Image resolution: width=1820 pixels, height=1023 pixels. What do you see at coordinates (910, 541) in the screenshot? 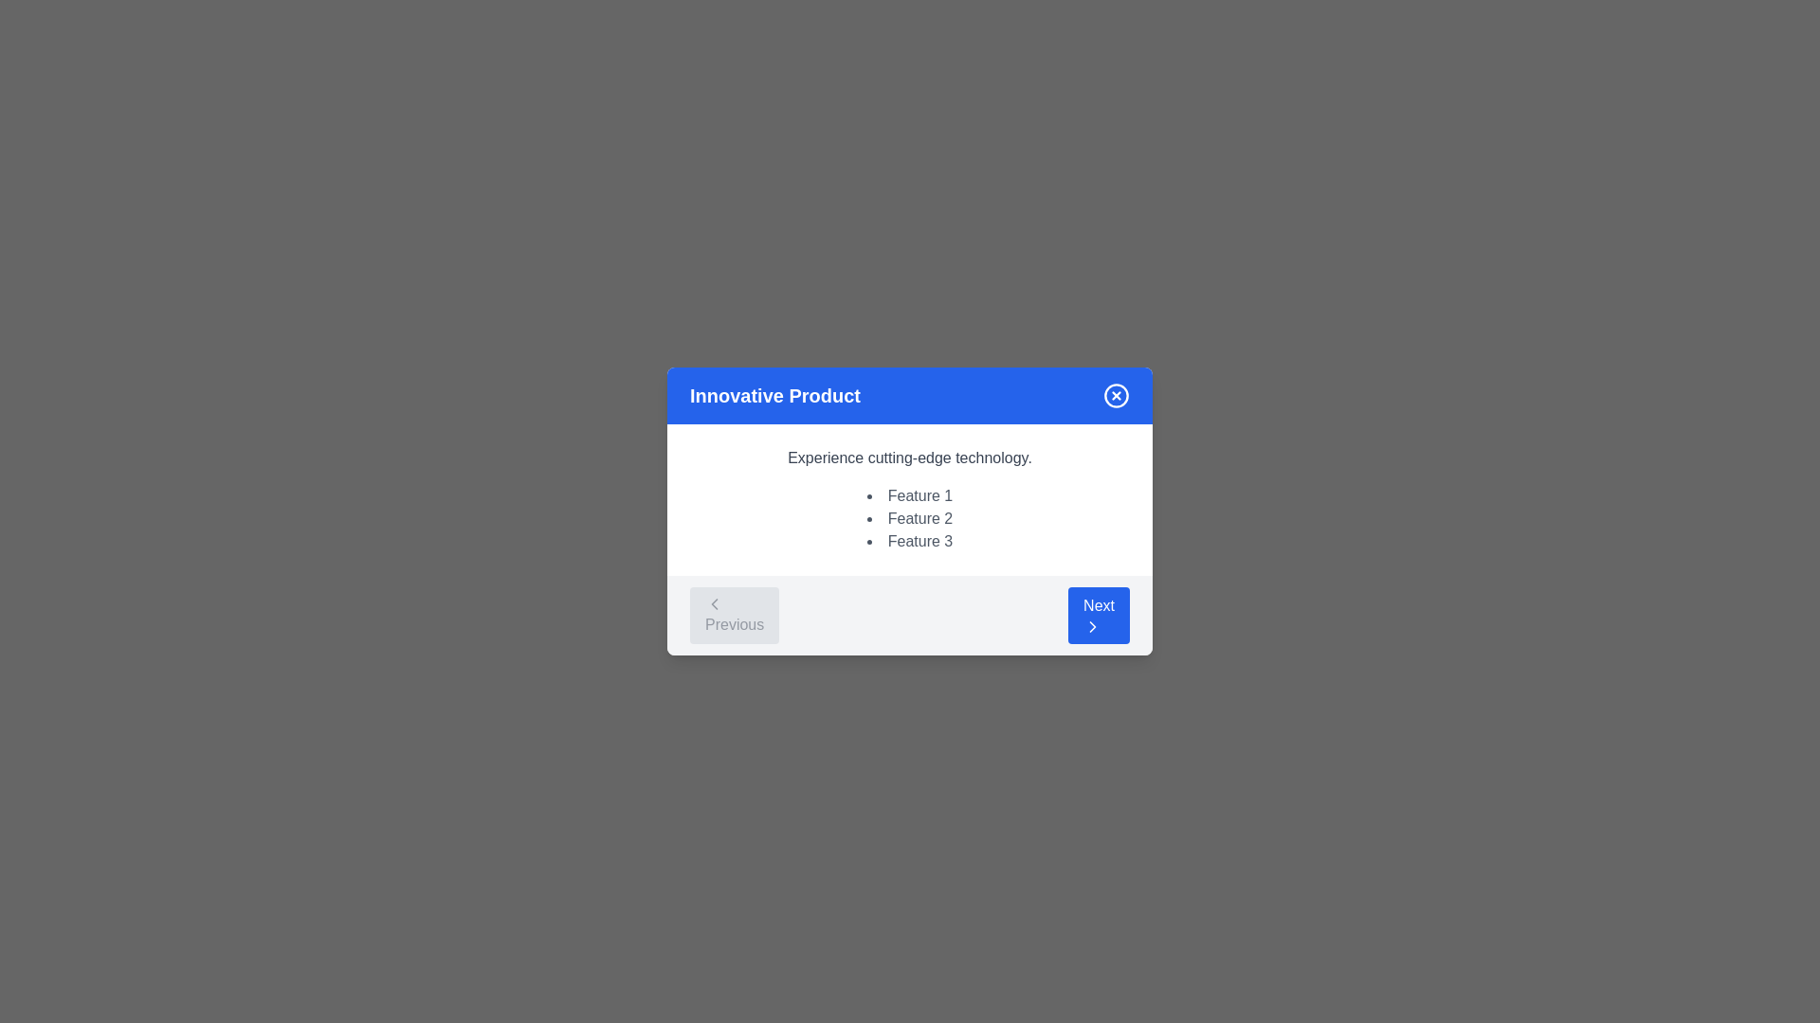
I see `the static text label that describes a feature in the dialog box titled 'Innovative Product', located centrally below 'Feature 1' and 'Feature 2'` at bounding box center [910, 541].